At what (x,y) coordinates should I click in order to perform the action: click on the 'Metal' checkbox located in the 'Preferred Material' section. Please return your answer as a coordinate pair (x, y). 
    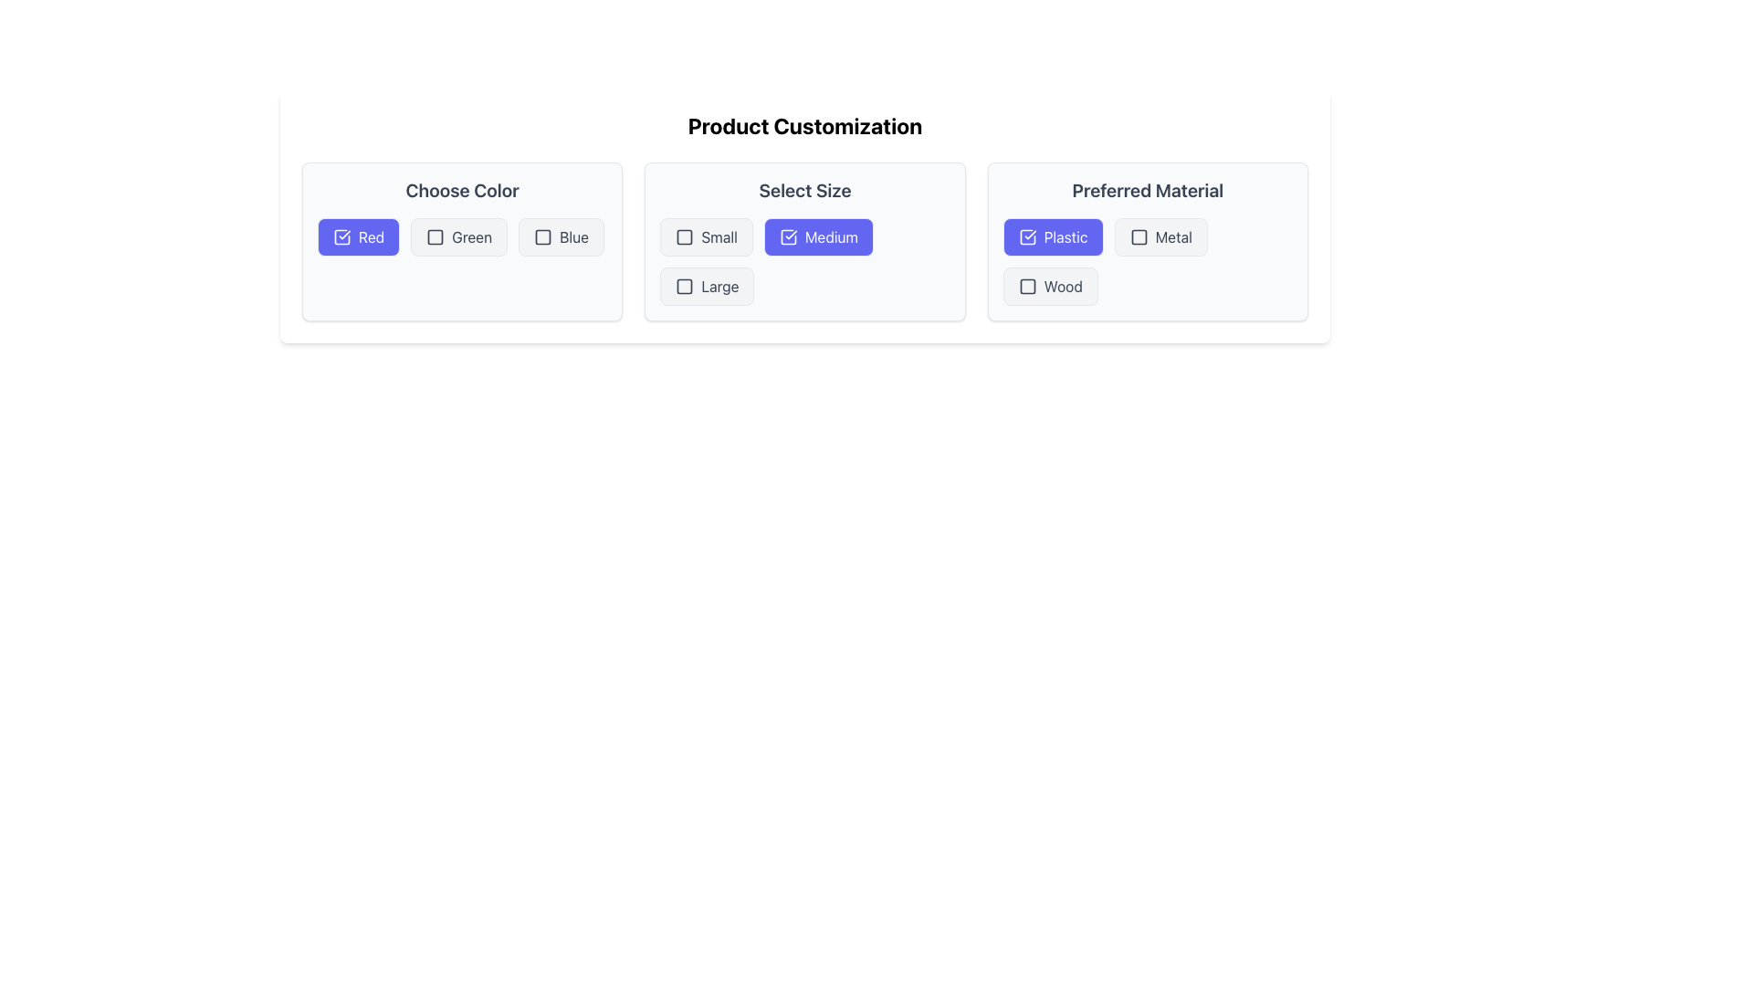
    Looking at the image, I should click on (1160, 236).